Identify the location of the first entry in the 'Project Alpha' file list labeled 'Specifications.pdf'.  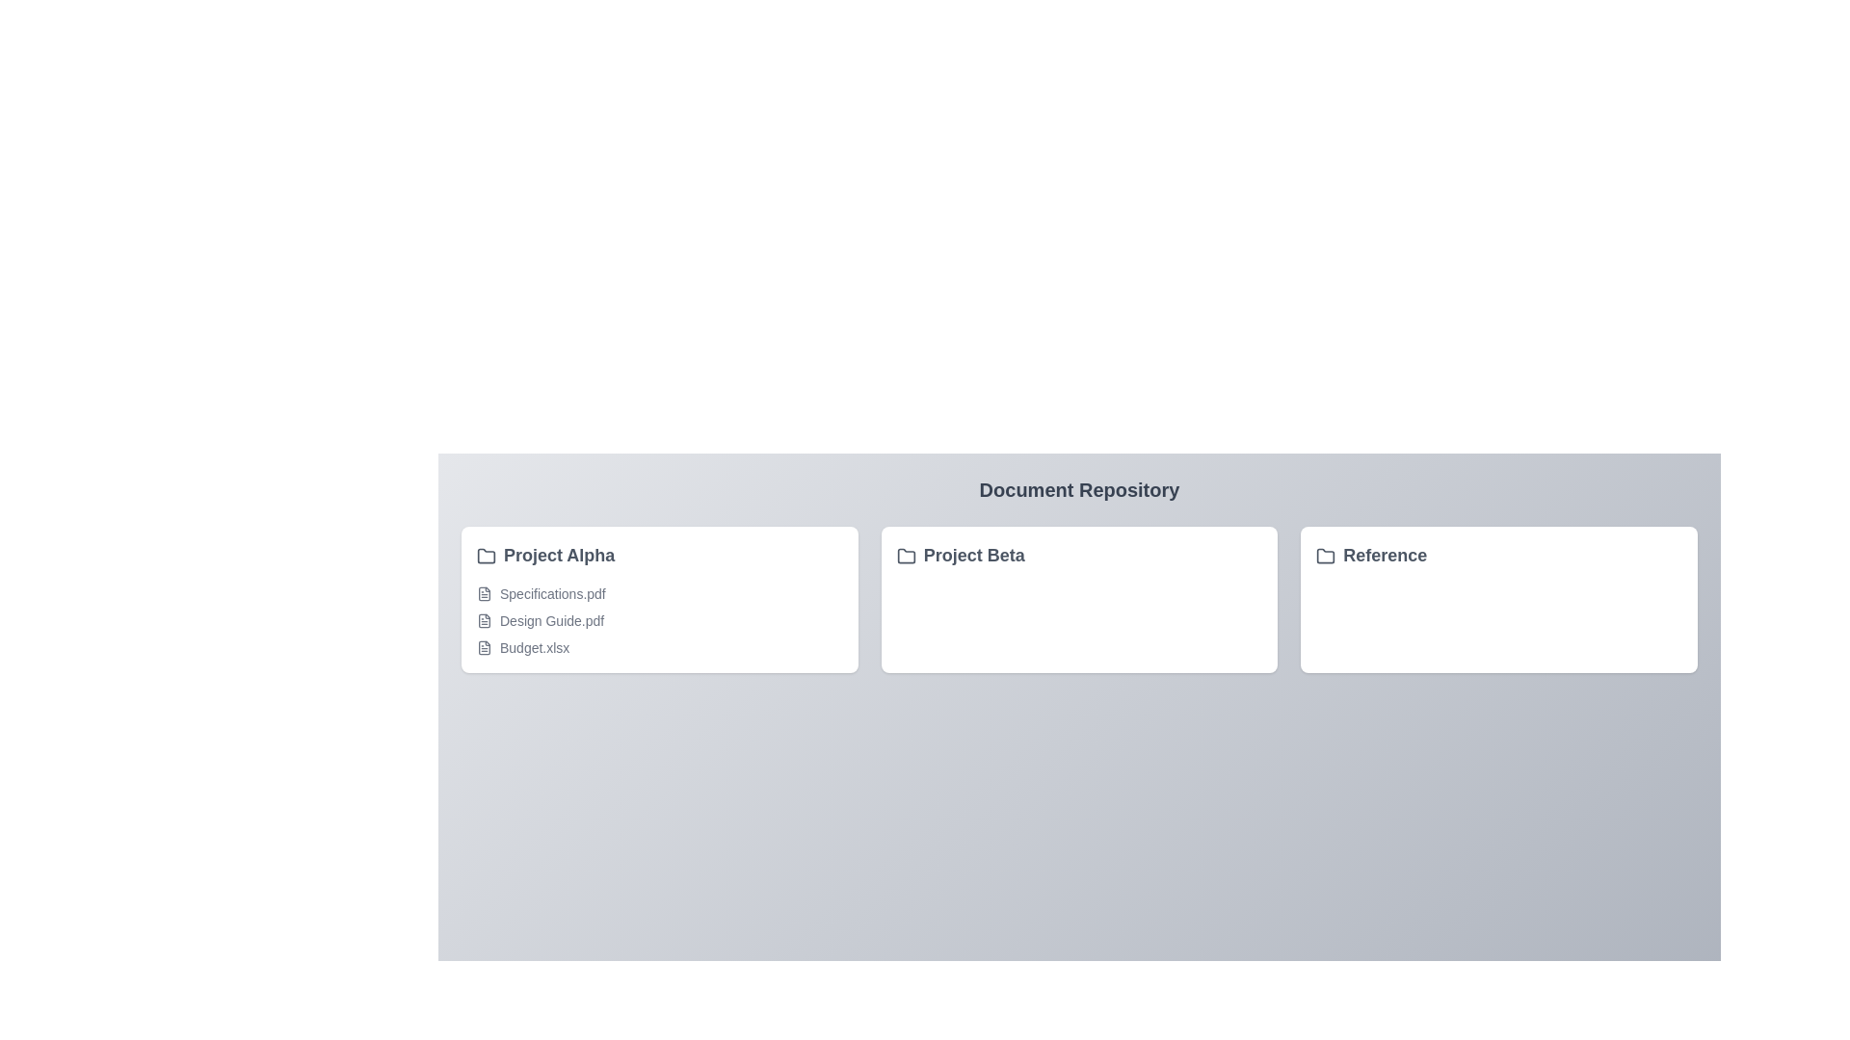
(659, 593).